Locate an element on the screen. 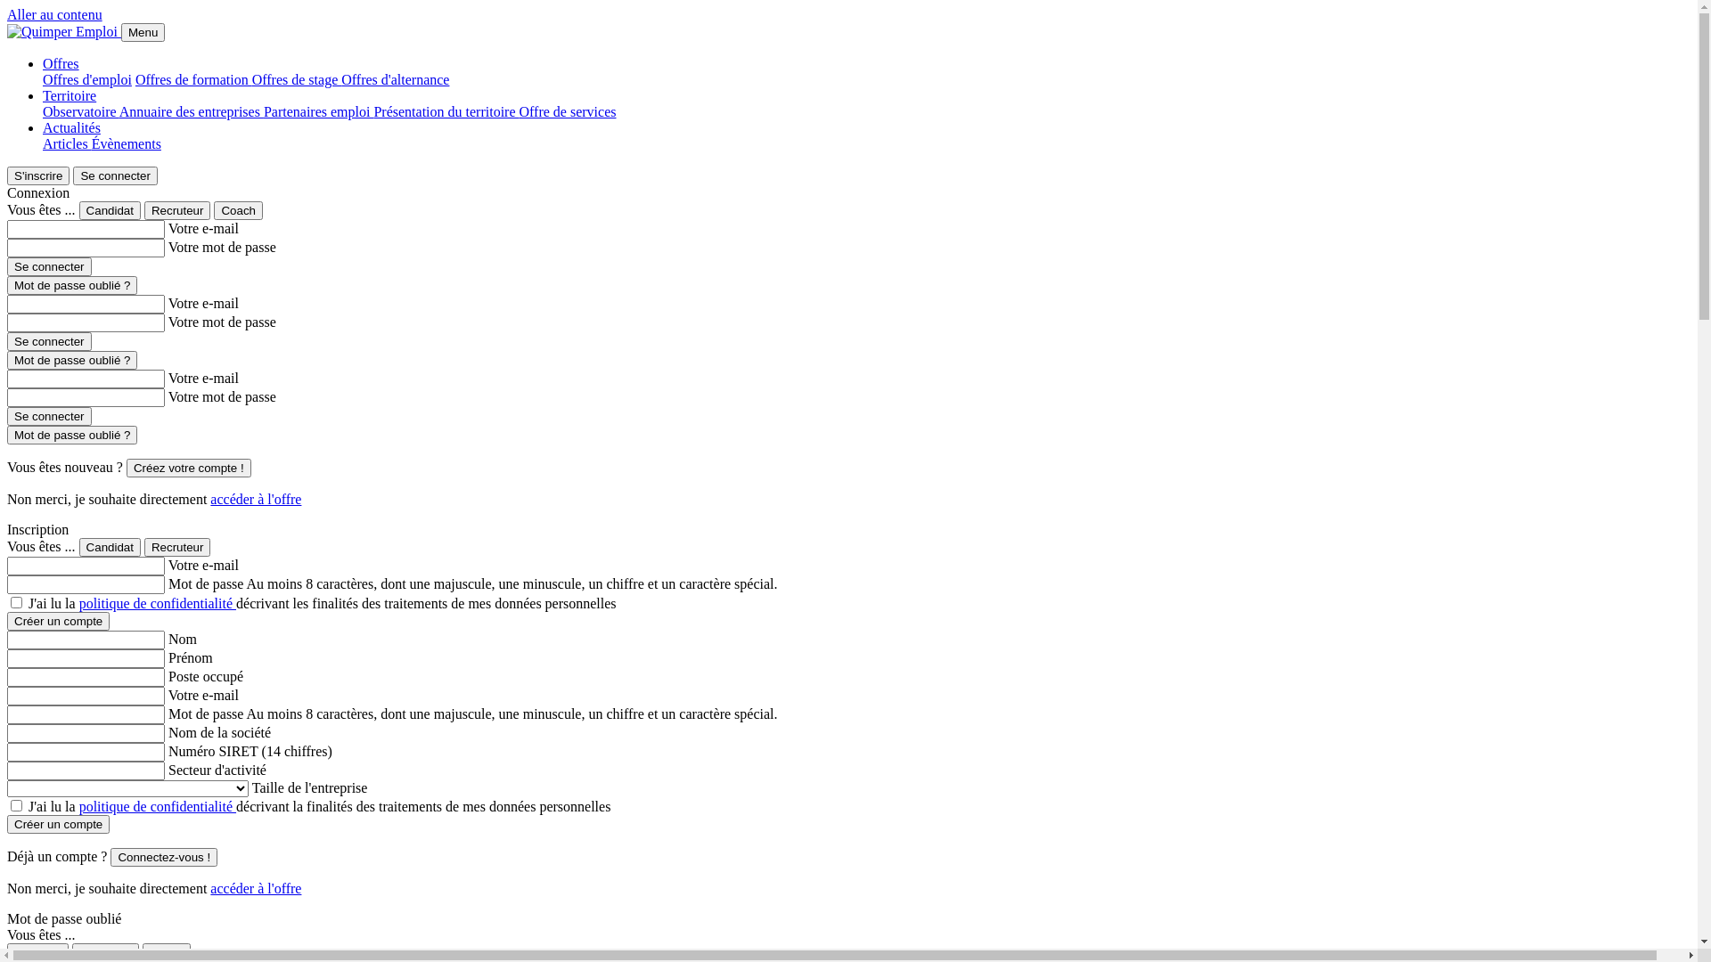 The image size is (1711, 962). 'Coach' is located at coordinates (237, 209).